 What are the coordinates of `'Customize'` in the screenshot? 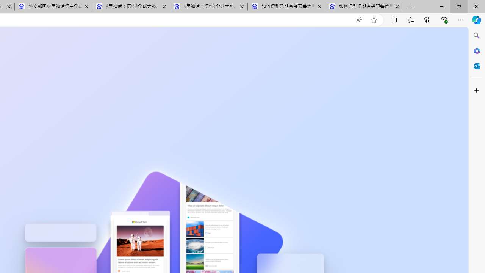 It's located at (476, 90).